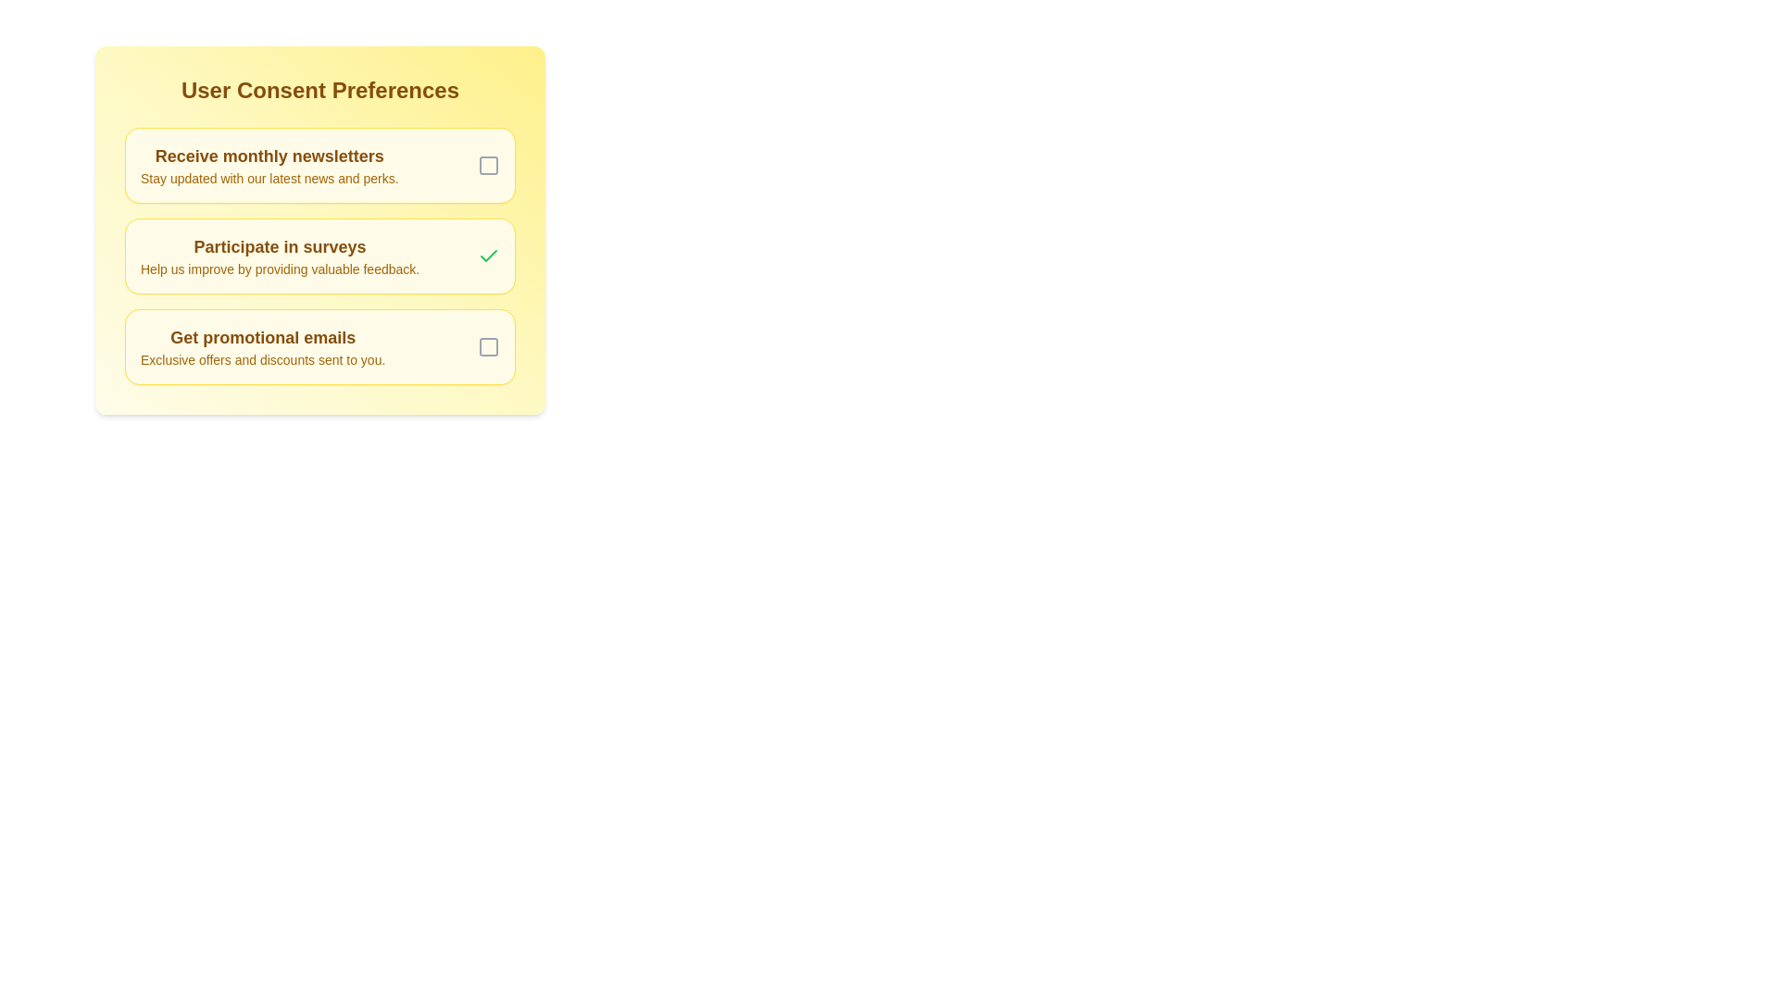 Image resolution: width=1778 pixels, height=1000 pixels. I want to click on the Consent checkbox at the top of the 'User Consent Preferences' section, which is the first option in a vertical list of three items, so click(319, 164).